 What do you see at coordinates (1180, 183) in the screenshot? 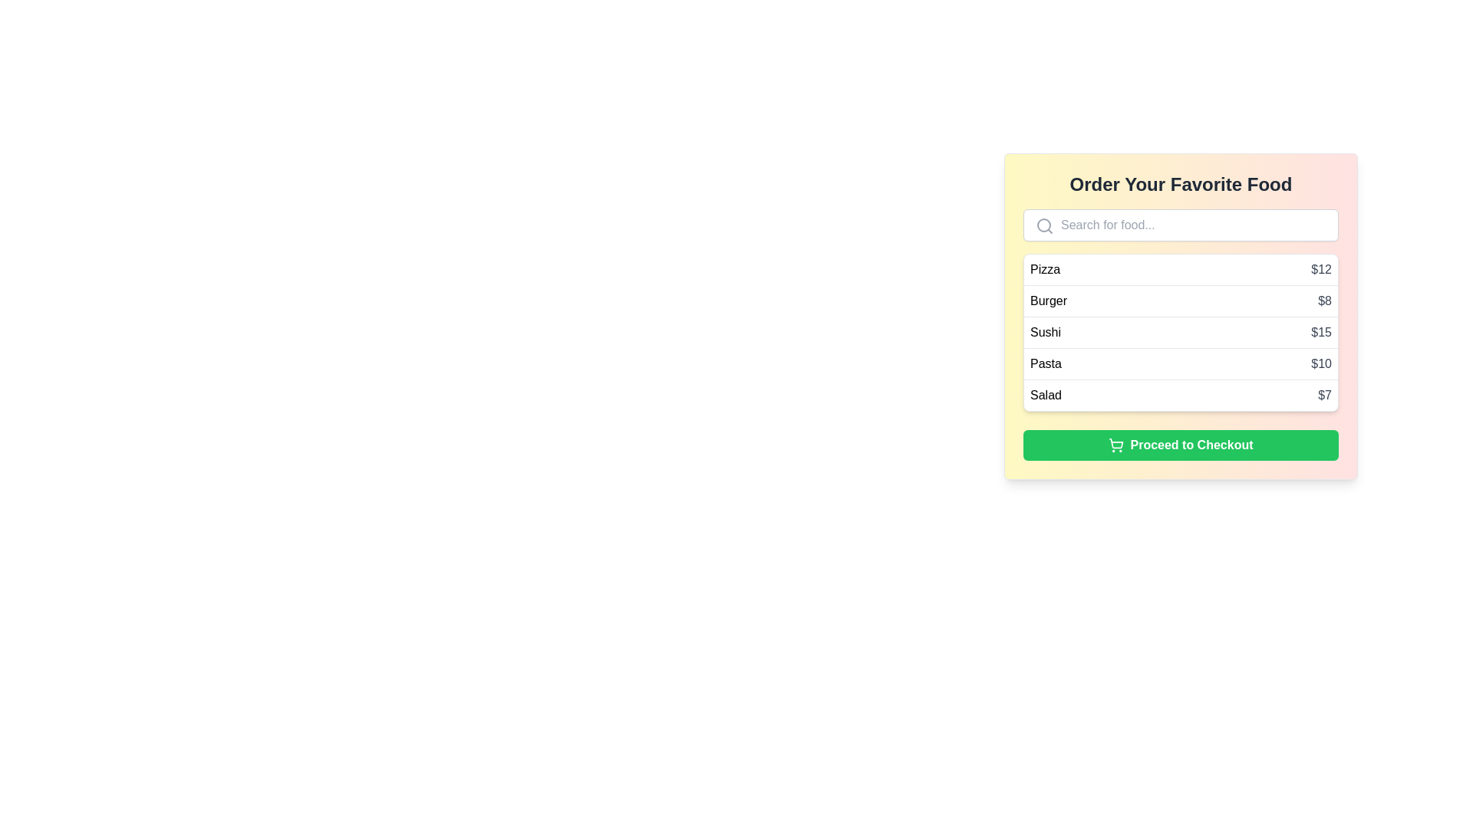
I see `header text element that displays 'Order Your Favorite Food', which is bold, large, and centrally aligned in dark gray color` at bounding box center [1180, 183].